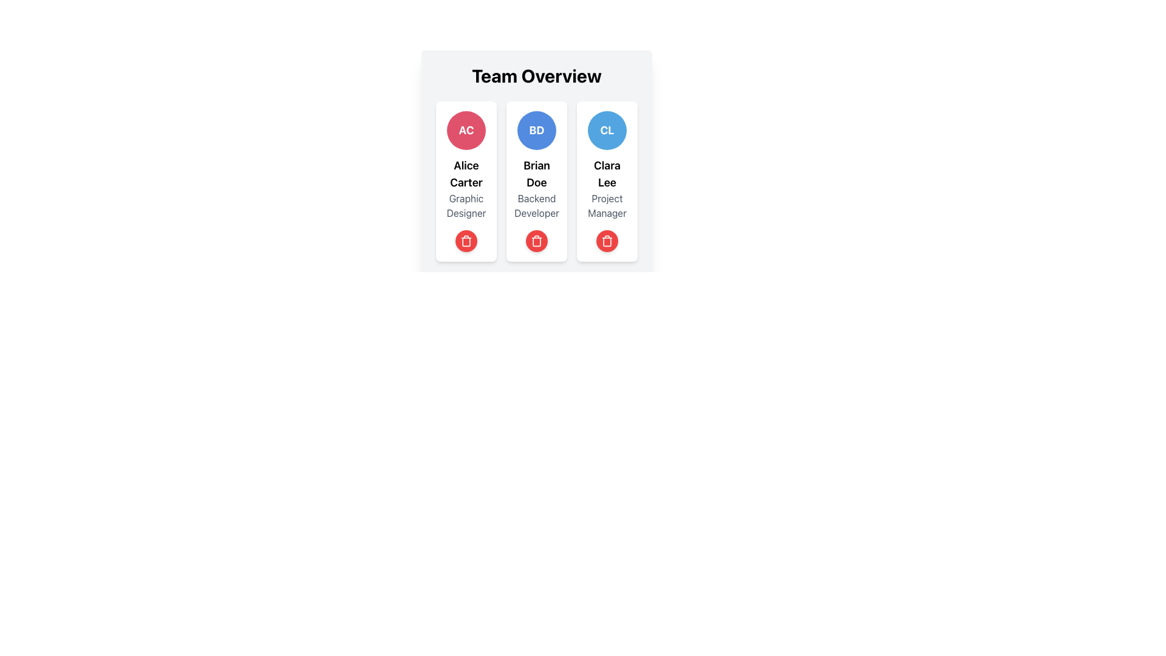  I want to click on the Text label displaying 'Brian Doe', which is located below the circular badge with initials 'BD' and above the text 'Backend Developer' within the central card of the 'Team Overview', so click(536, 174).